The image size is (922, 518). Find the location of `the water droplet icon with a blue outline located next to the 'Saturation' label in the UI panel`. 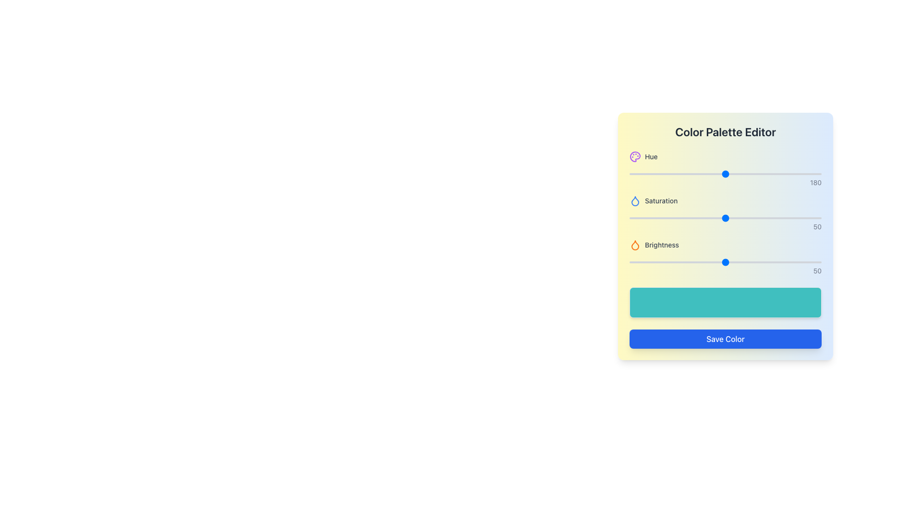

the water droplet icon with a blue outline located next to the 'Saturation' label in the UI panel is located at coordinates (635, 200).